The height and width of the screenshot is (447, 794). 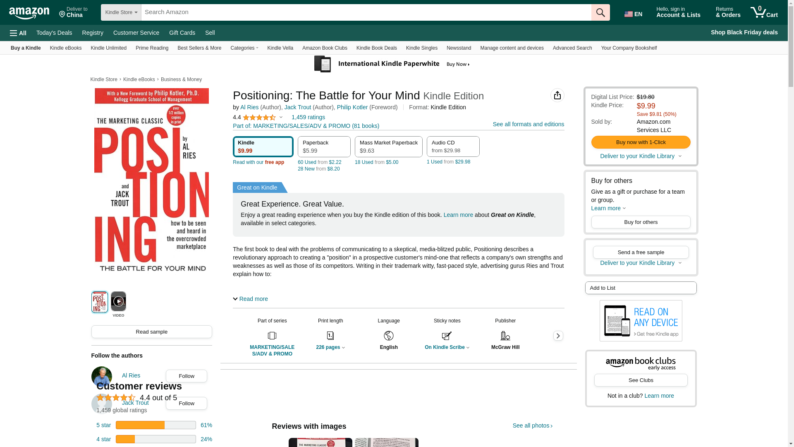 I want to click on 'Share', so click(x=557, y=95).